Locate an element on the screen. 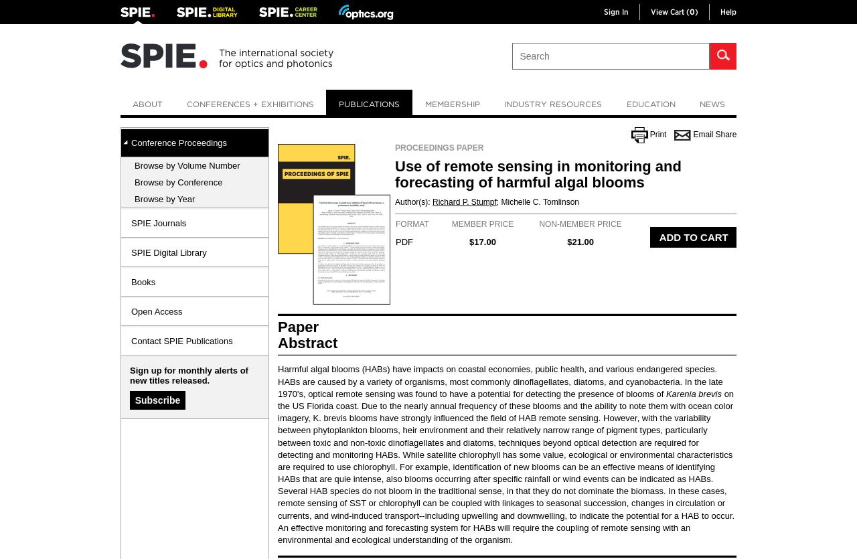 The height and width of the screenshot is (559, 857). 'Add to cart' is located at coordinates (693, 237).